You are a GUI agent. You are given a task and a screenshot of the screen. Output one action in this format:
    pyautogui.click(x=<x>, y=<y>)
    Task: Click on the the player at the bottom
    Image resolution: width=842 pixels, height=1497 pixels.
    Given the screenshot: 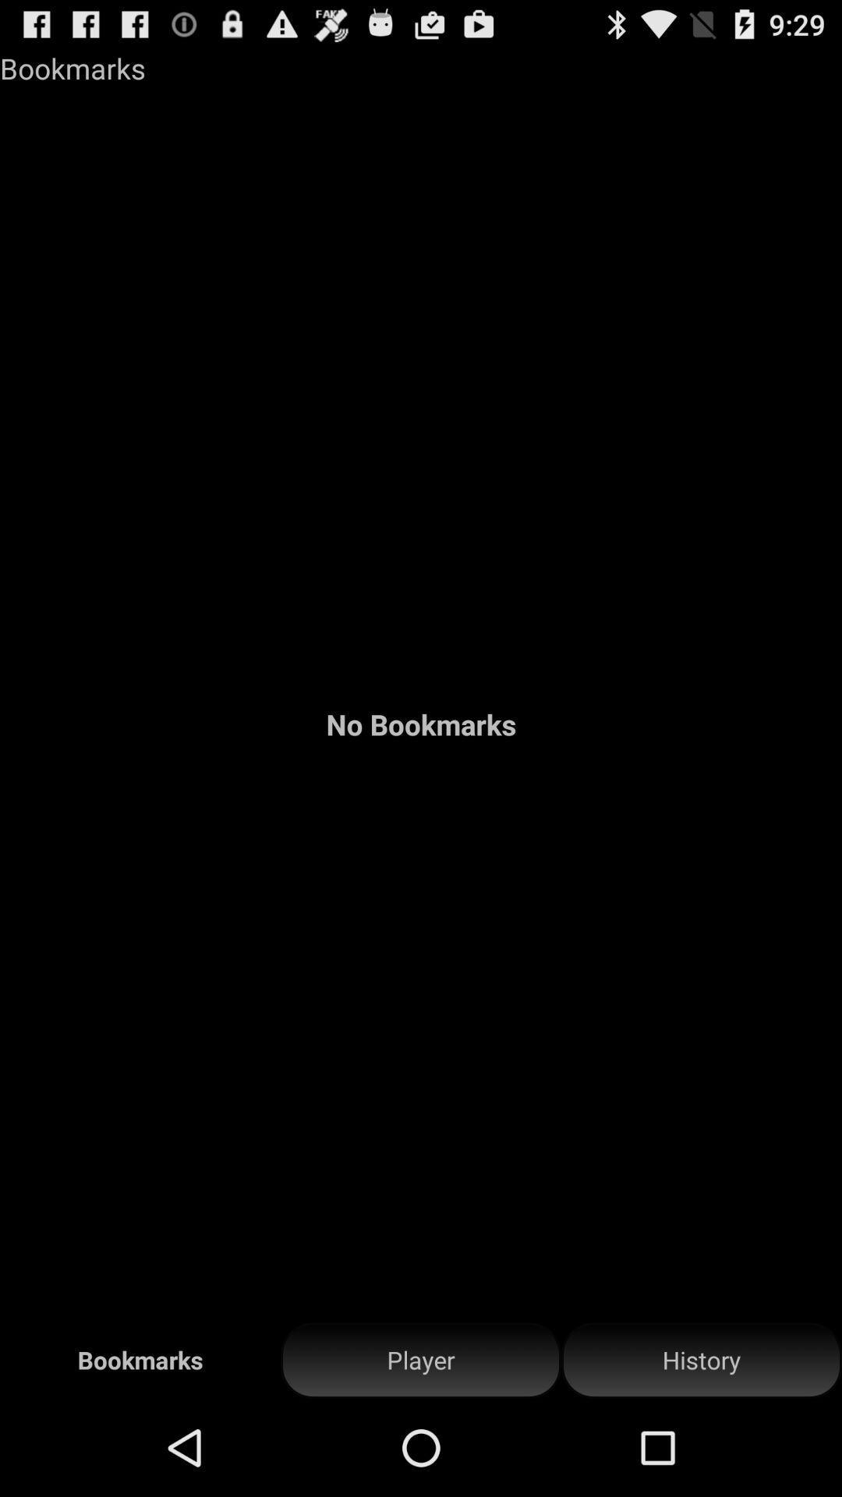 What is the action you would take?
    pyautogui.click(x=421, y=1360)
    